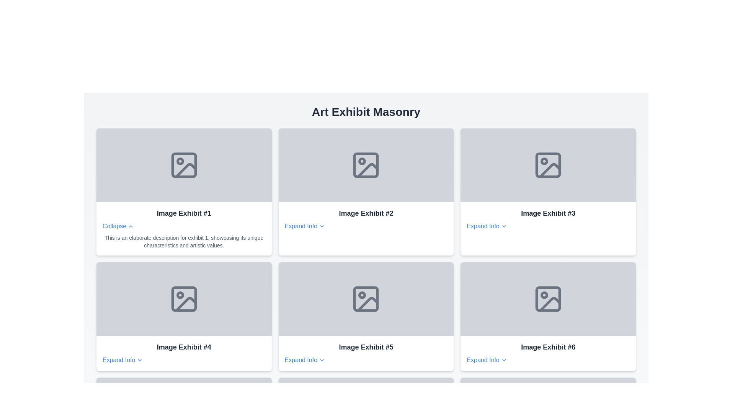 This screenshot has width=735, height=413. Describe the element at coordinates (548, 317) in the screenshot. I see `the sixth card in the grid layout` at that location.